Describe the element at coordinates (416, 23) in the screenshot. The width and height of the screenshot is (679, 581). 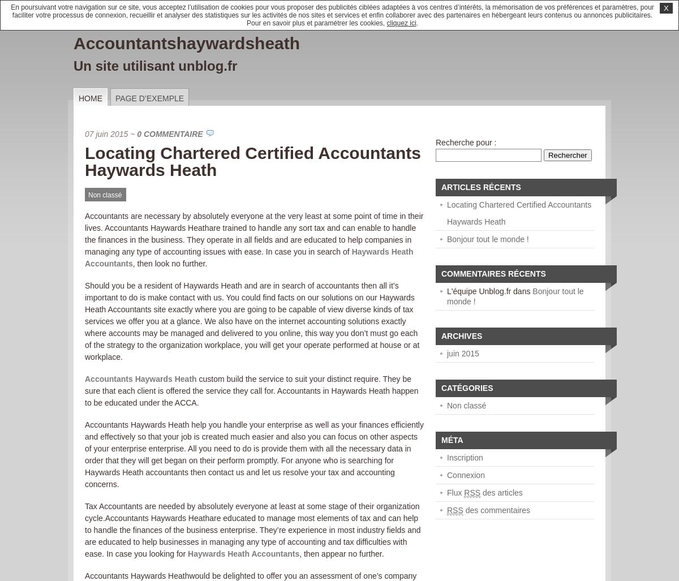
I see `'.'` at that location.